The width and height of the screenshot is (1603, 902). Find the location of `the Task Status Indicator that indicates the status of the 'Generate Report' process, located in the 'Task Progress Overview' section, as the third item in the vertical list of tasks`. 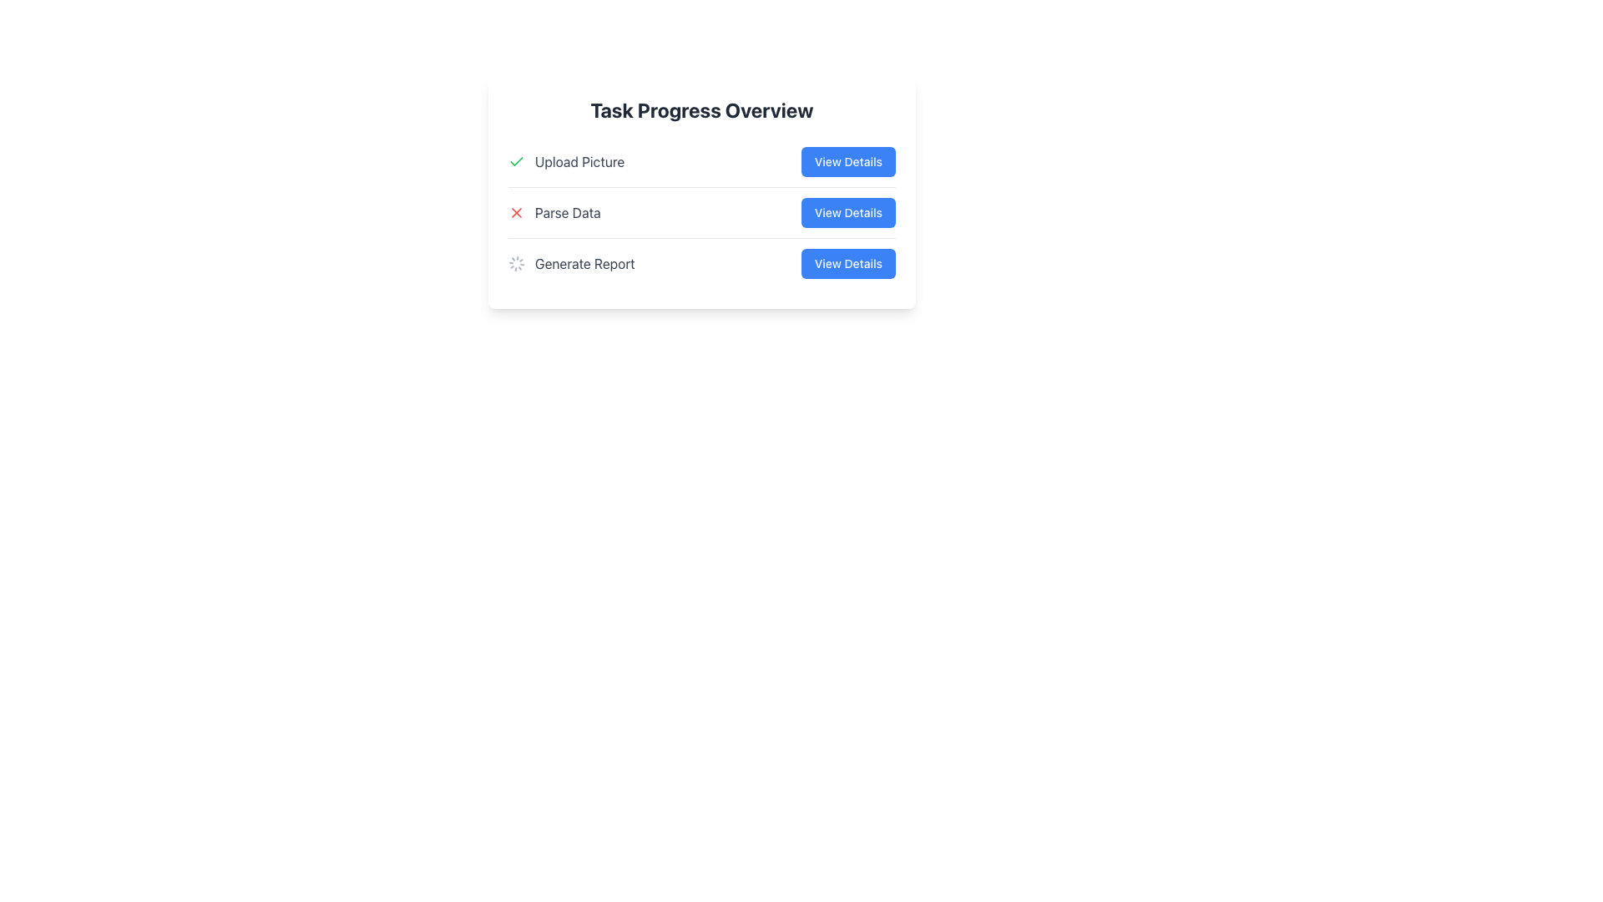

the Task Status Indicator that indicates the status of the 'Generate Report' process, located in the 'Task Progress Overview' section, as the third item in the vertical list of tasks is located at coordinates (571, 263).